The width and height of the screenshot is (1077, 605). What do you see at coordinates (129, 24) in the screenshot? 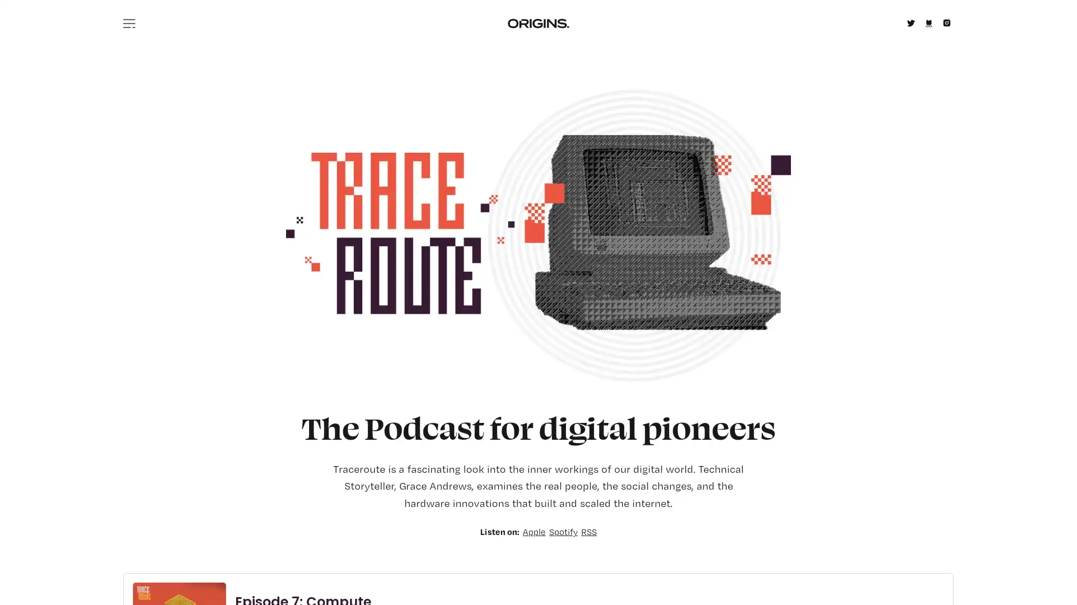
I see `Menu icon` at bounding box center [129, 24].